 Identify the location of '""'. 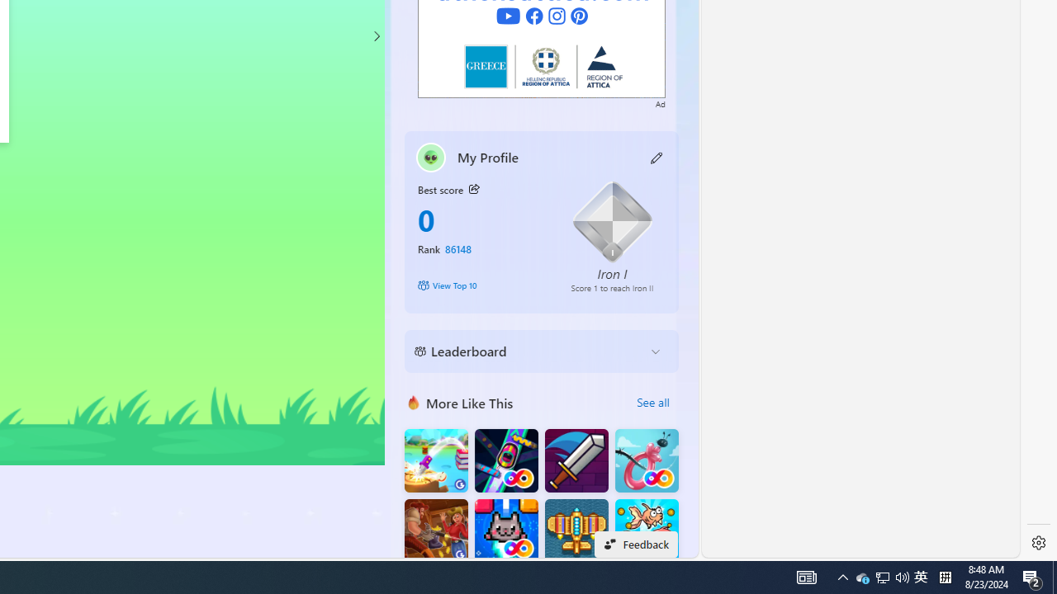
(431, 157).